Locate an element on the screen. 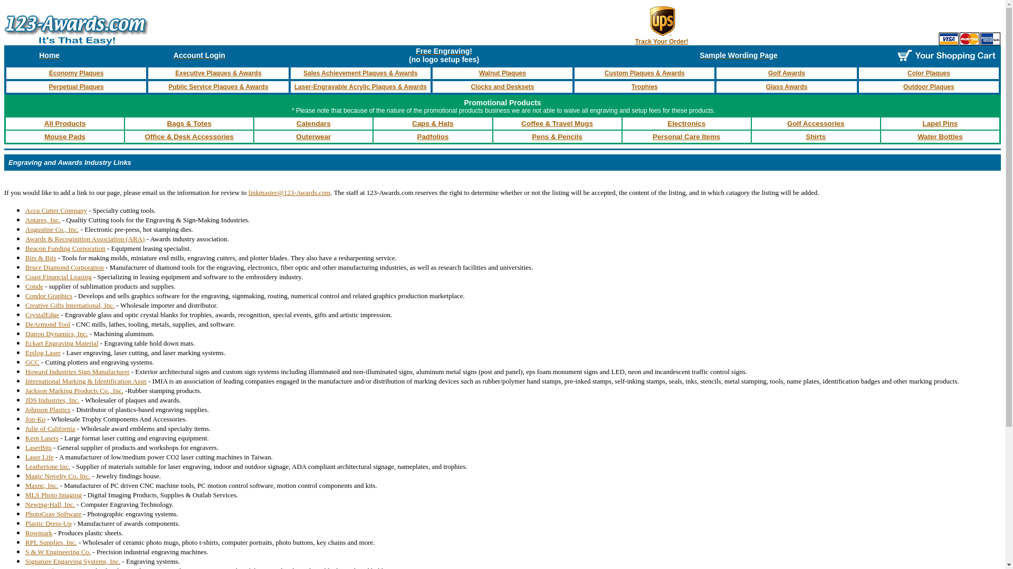  'Creative Gifts International, Inc.' is located at coordinates (25, 305).